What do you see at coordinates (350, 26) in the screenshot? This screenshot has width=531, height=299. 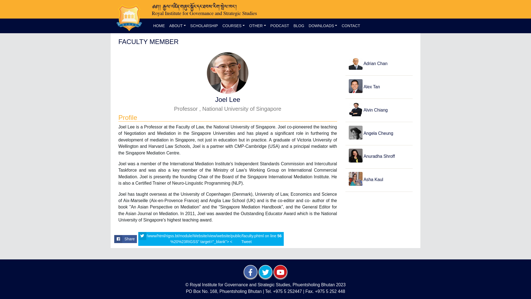 I see `'CONTACT'` at bounding box center [350, 26].